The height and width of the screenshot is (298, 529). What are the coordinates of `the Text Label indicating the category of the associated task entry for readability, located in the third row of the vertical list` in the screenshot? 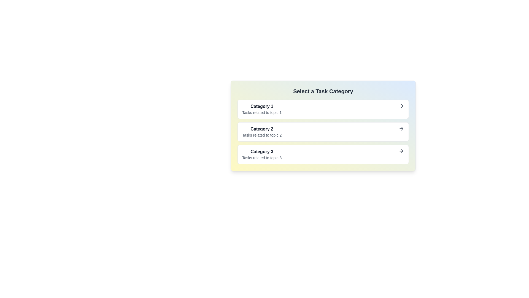 It's located at (261, 151).